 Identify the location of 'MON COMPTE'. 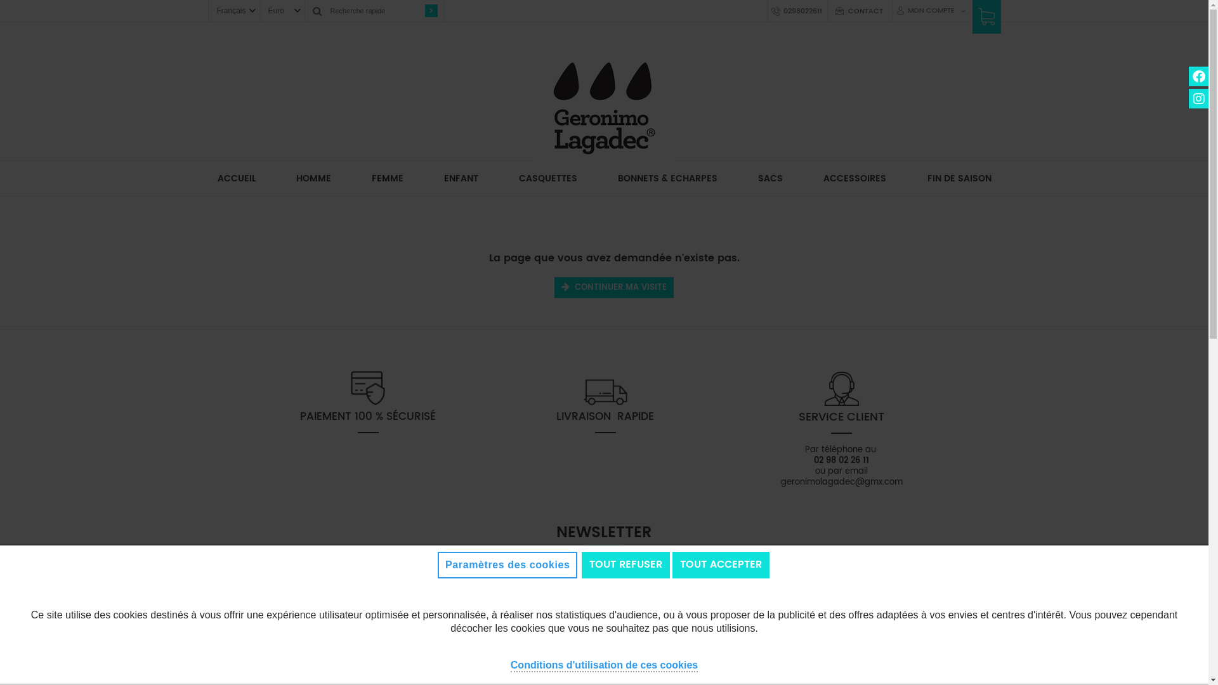
(929, 10).